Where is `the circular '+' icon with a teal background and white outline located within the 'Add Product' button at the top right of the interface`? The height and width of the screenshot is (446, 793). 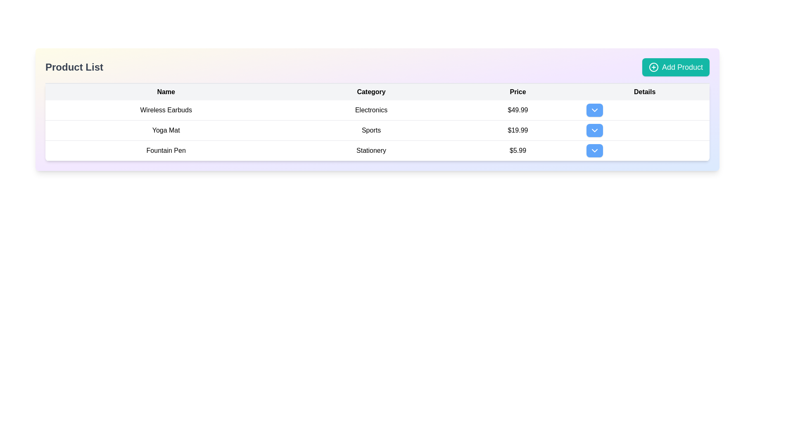
the circular '+' icon with a teal background and white outline located within the 'Add Product' button at the top right of the interface is located at coordinates (653, 66).